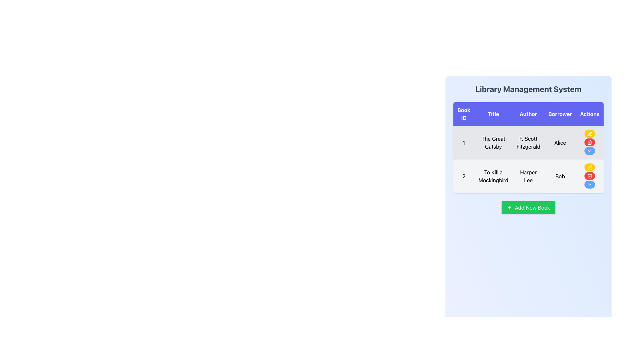 The image size is (634, 356). What do you see at coordinates (493, 142) in the screenshot?
I see `the label displaying the text 'The Great Gatsby' located under the Title column in the first row of the table` at bounding box center [493, 142].